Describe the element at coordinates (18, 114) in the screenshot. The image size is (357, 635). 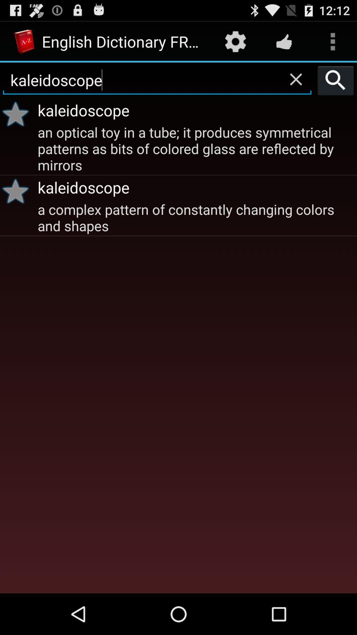
I see `the icon below the kaleidoscope icon` at that location.